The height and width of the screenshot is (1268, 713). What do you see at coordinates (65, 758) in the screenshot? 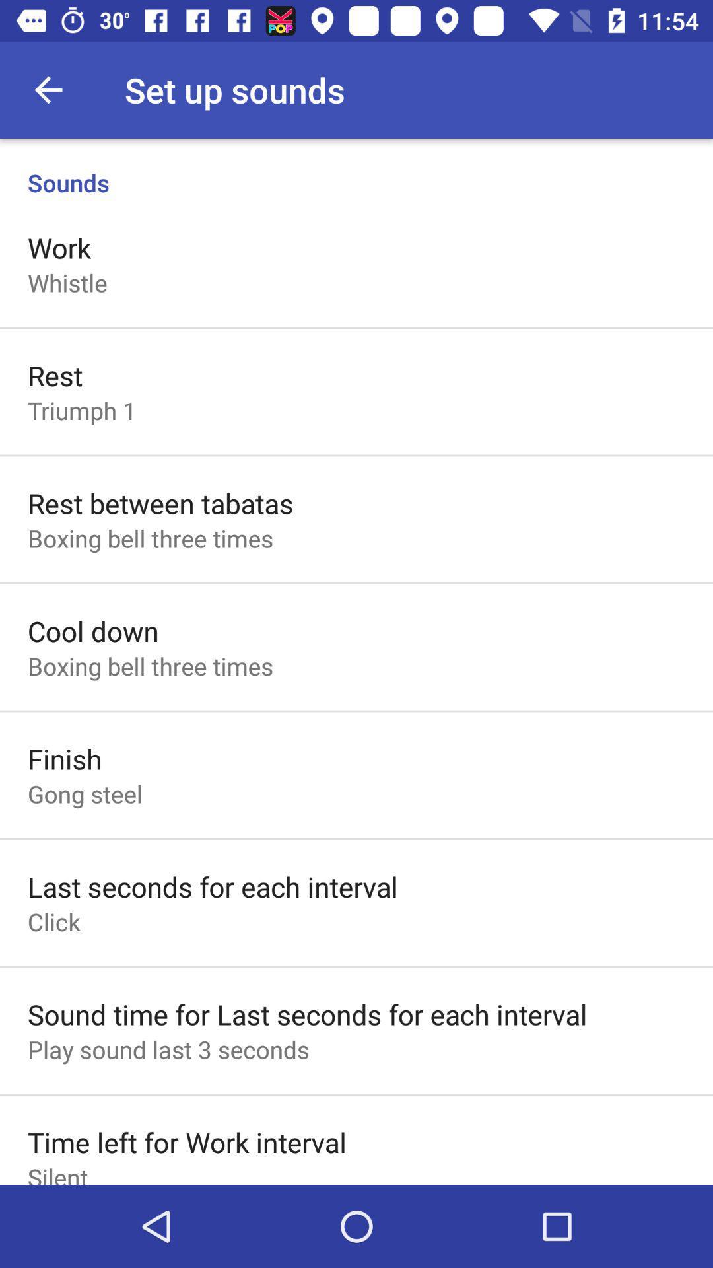
I see `finish icon` at bounding box center [65, 758].